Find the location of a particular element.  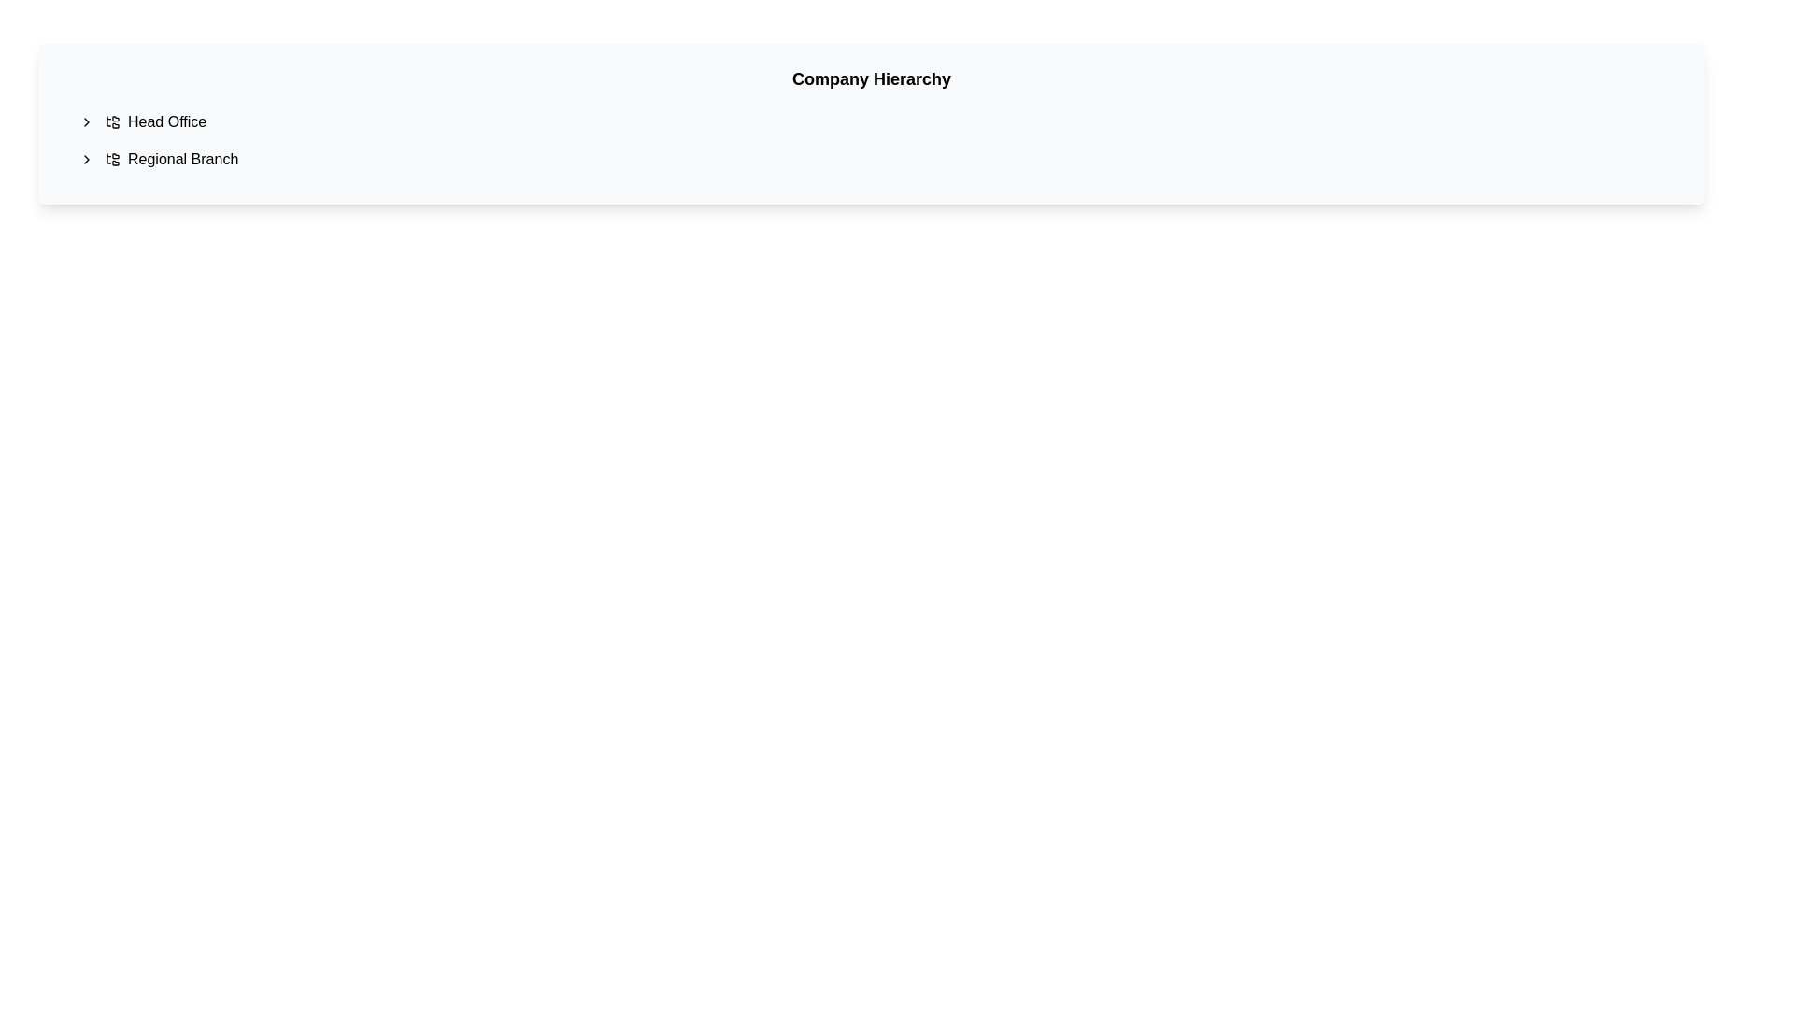

the static text header that labels the section above 'Head Office' and 'Regional Branch', providing a title for the content that follows is located at coordinates (870, 78).